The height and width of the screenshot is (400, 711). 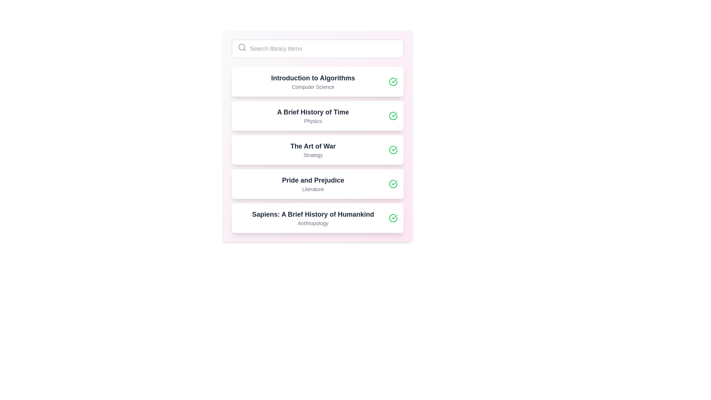 I want to click on the text label indicating the category of the content in the list item located below 'Introduction to Algorithms', so click(x=313, y=87).